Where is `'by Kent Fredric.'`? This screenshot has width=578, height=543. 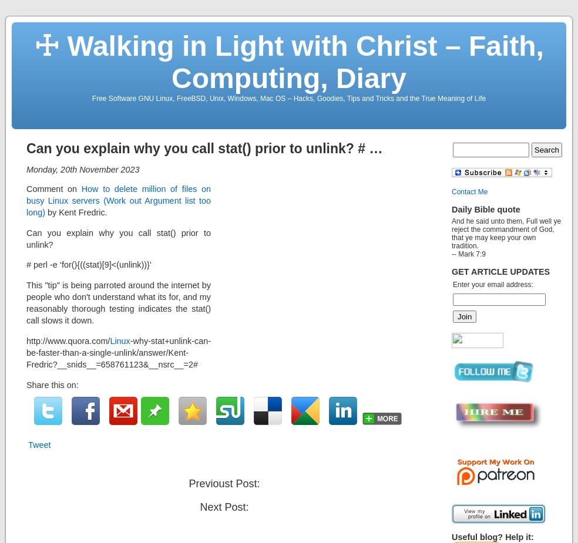
'by Kent Fredric.' is located at coordinates (76, 212).